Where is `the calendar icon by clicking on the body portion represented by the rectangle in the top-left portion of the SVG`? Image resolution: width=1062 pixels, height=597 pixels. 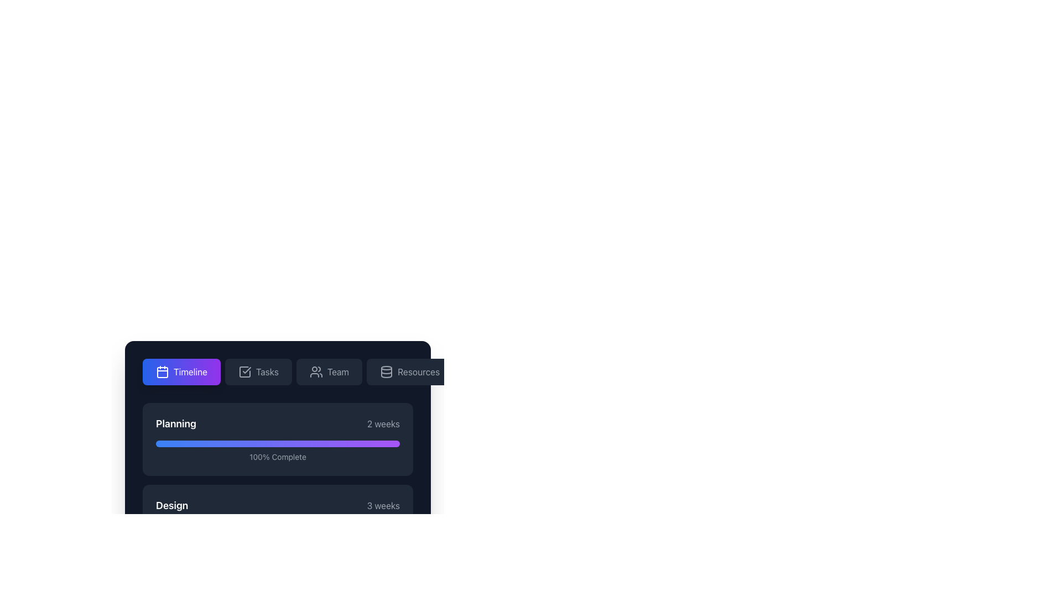
the calendar icon by clicking on the body portion represented by the rectangle in the top-left portion of the SVG is located at coordinates (162, 373).